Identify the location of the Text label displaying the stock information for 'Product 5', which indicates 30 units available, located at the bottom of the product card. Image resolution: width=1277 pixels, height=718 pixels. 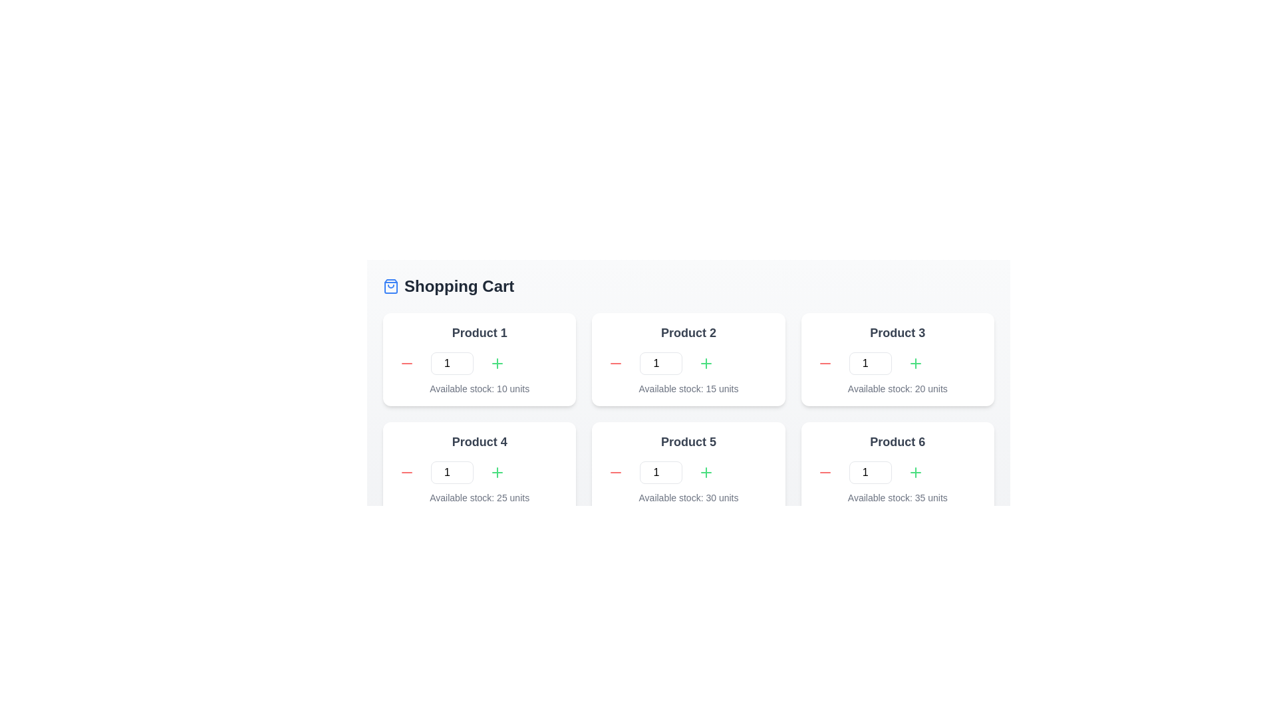
(688, 497).